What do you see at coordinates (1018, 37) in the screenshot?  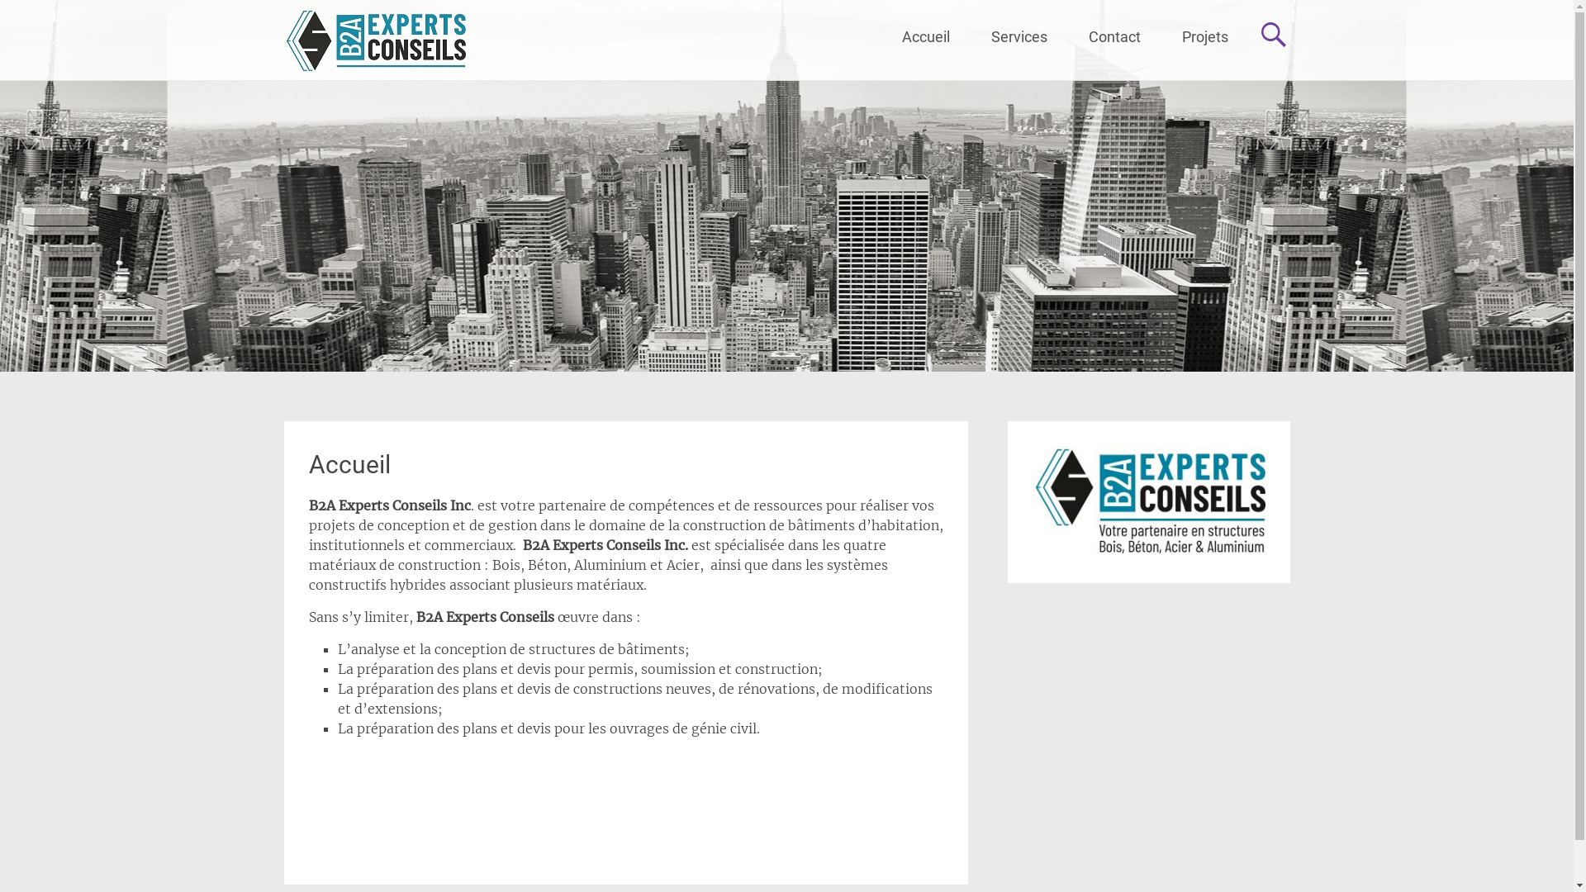 I see `'Services'` at bounding box center [1018, 37].